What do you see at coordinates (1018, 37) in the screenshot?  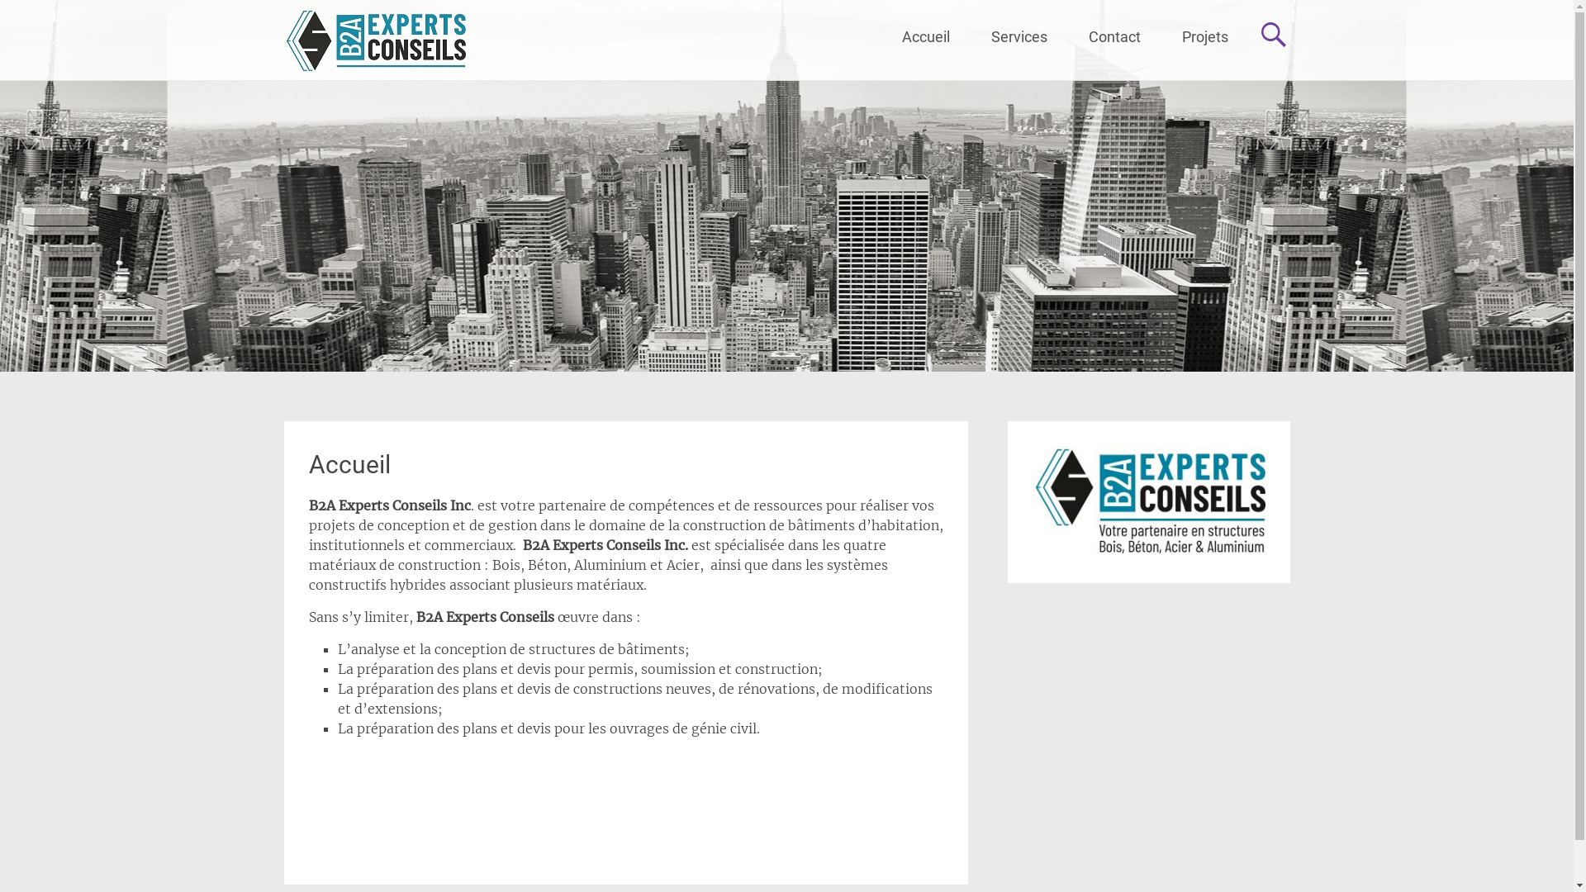 I see `'Services'` at bounding box center [1018, 37].